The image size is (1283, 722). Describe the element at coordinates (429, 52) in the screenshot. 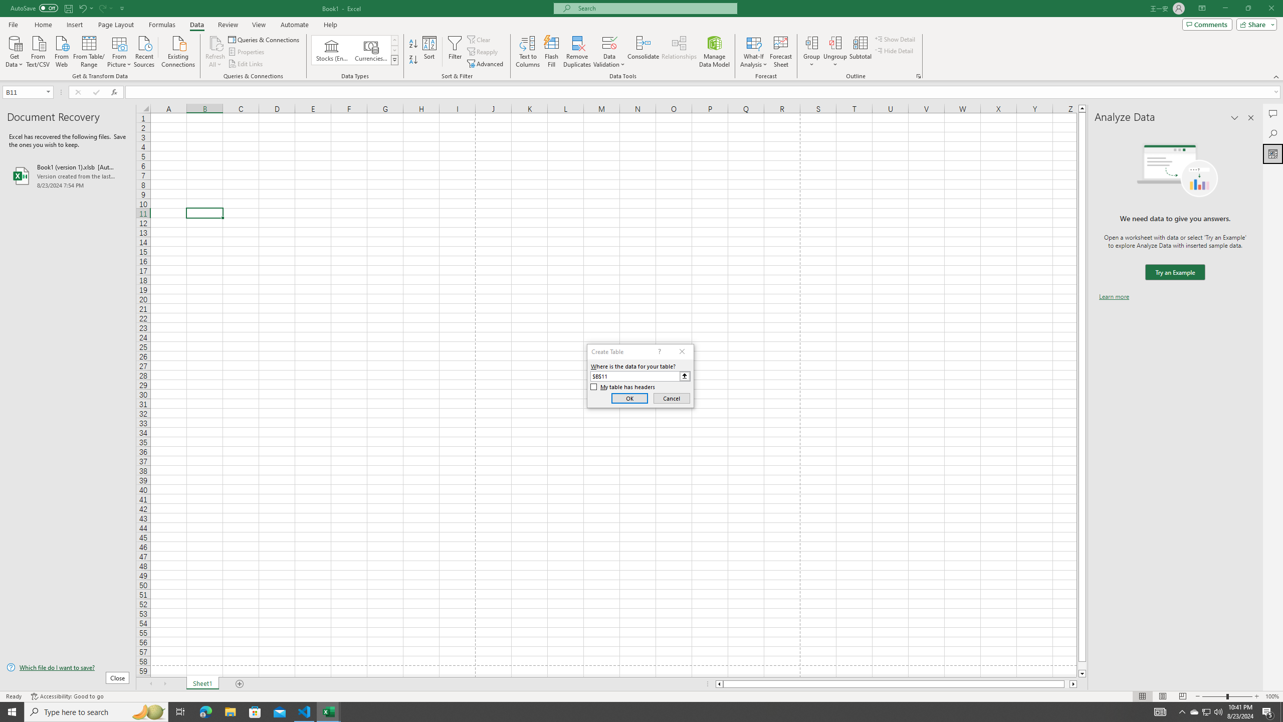

I see `'Sort...'` at that location.